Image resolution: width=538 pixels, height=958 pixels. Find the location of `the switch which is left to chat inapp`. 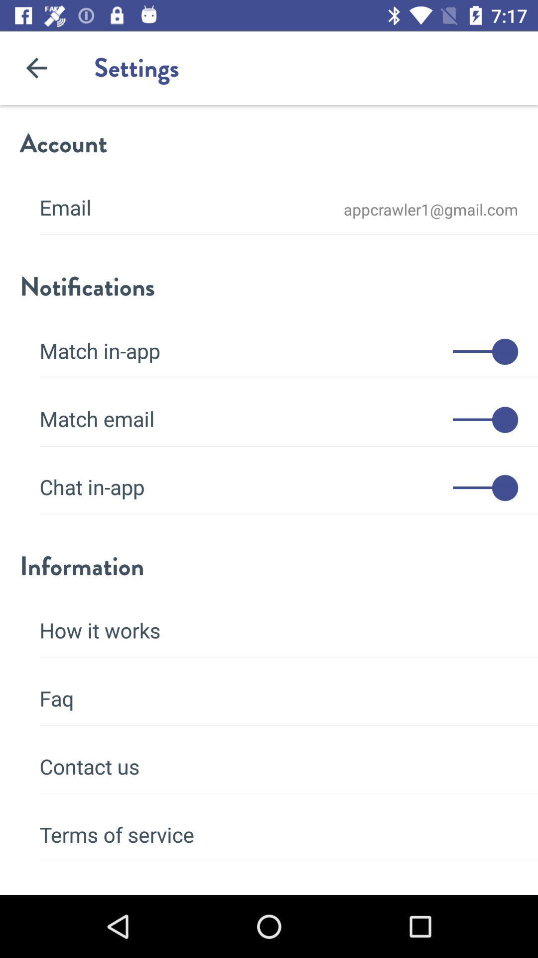

the switch which is left to chat inapp is located at coordinates (485, 488).